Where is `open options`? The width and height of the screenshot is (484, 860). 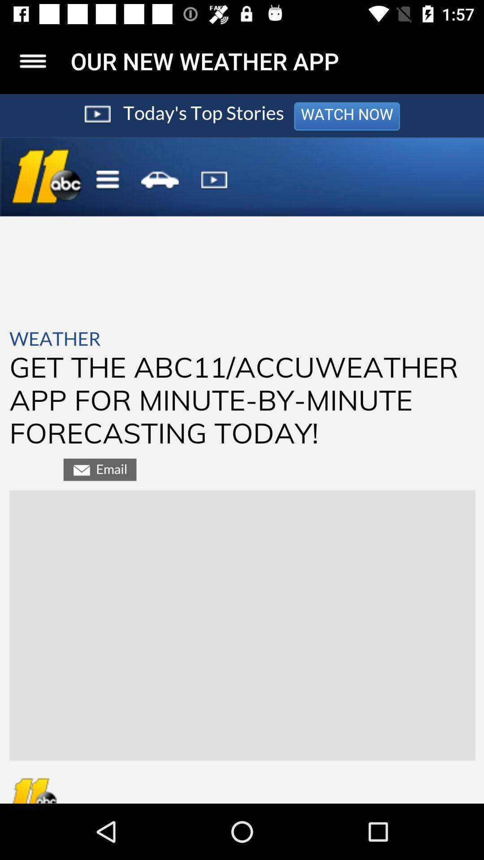 open options is located at coordinates (32, 60).